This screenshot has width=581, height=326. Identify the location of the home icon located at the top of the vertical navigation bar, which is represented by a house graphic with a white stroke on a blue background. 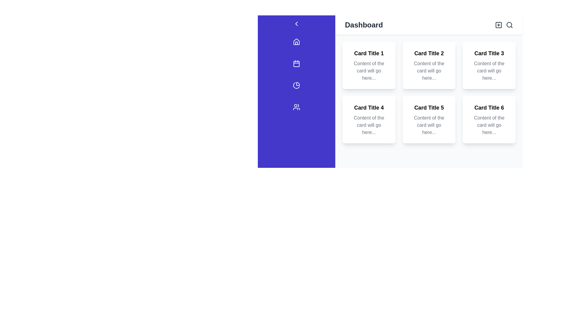
(296, 41).